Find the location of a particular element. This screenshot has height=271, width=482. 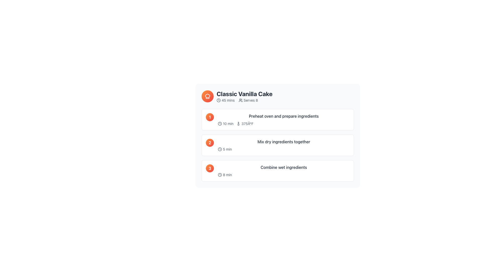

clock icon located in the header section, which is the first icon to the left of the '45 mins' text is located at coordinates (218, 100).